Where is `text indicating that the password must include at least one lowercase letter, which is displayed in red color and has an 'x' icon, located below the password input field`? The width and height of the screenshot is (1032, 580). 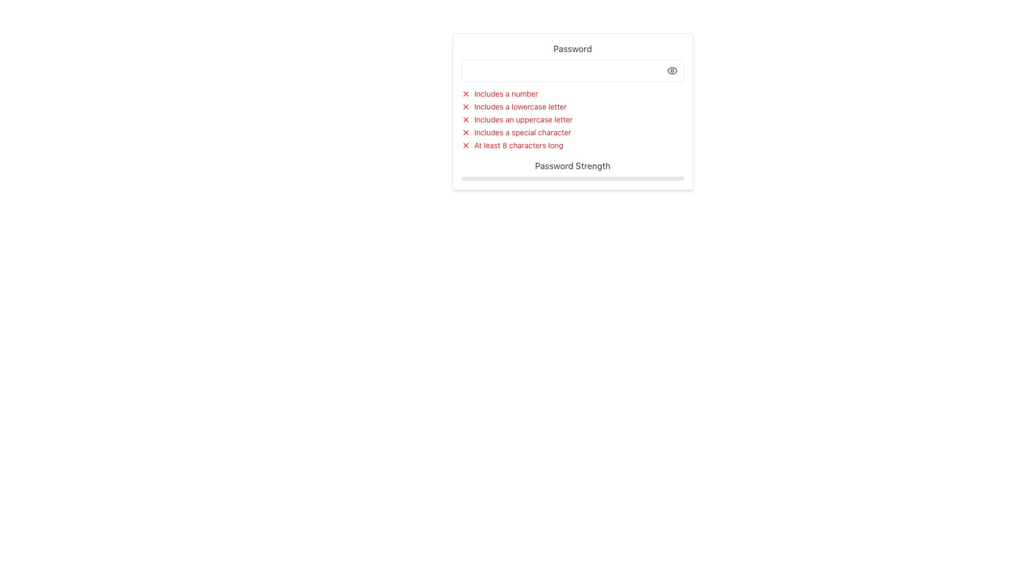 text indicating that the password must include at least one lowercase letter, which is displayed in red color and has an 'x' icon, located below the password input field is located at coordinates (572, 107).